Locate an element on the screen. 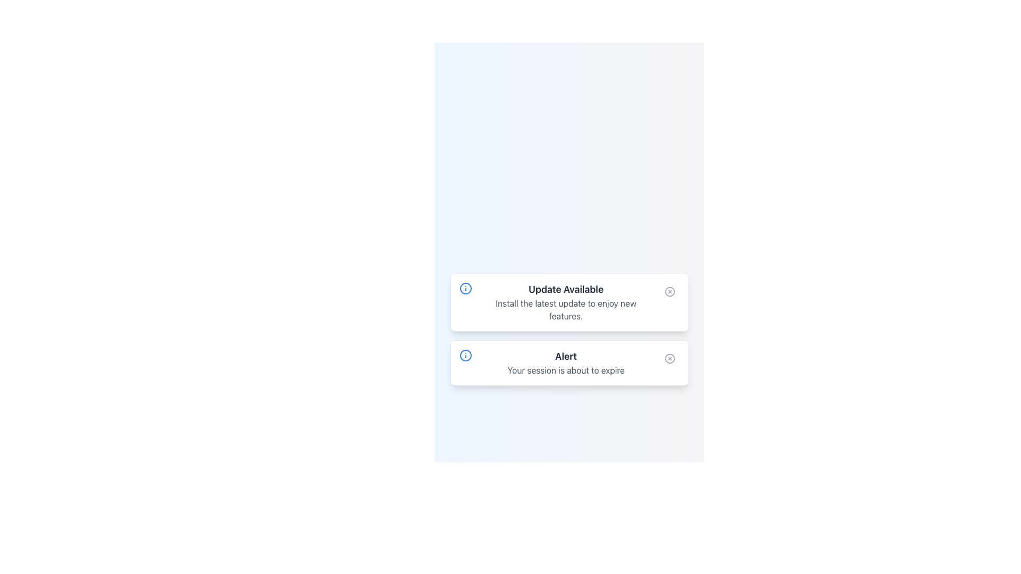  the close icon button located in the top notification card next to the 'Update Available' title, aligned towards the right corner is located at coordinates (669, 291).